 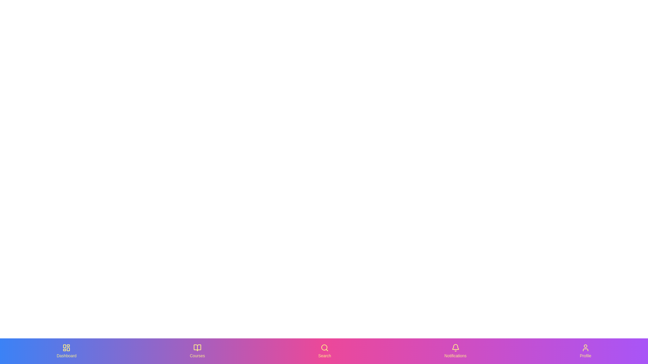 What do you see at coordinates (66, 351) in the screenshot?
I see `the Dashboard tab in the bottom navigation bar` at bounding box center [66, 351].